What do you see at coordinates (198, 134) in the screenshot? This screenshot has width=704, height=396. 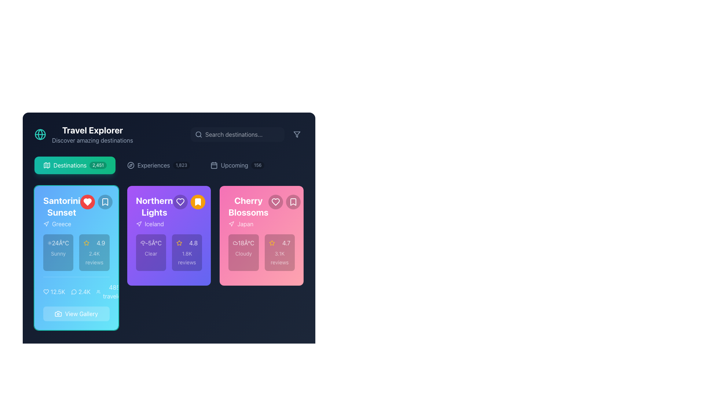 I see `the central circular part of the magnifying glass icon located on the right-hand side of the top navigation bar, near the middle-left of the search field` at bounding box center [198, 134].